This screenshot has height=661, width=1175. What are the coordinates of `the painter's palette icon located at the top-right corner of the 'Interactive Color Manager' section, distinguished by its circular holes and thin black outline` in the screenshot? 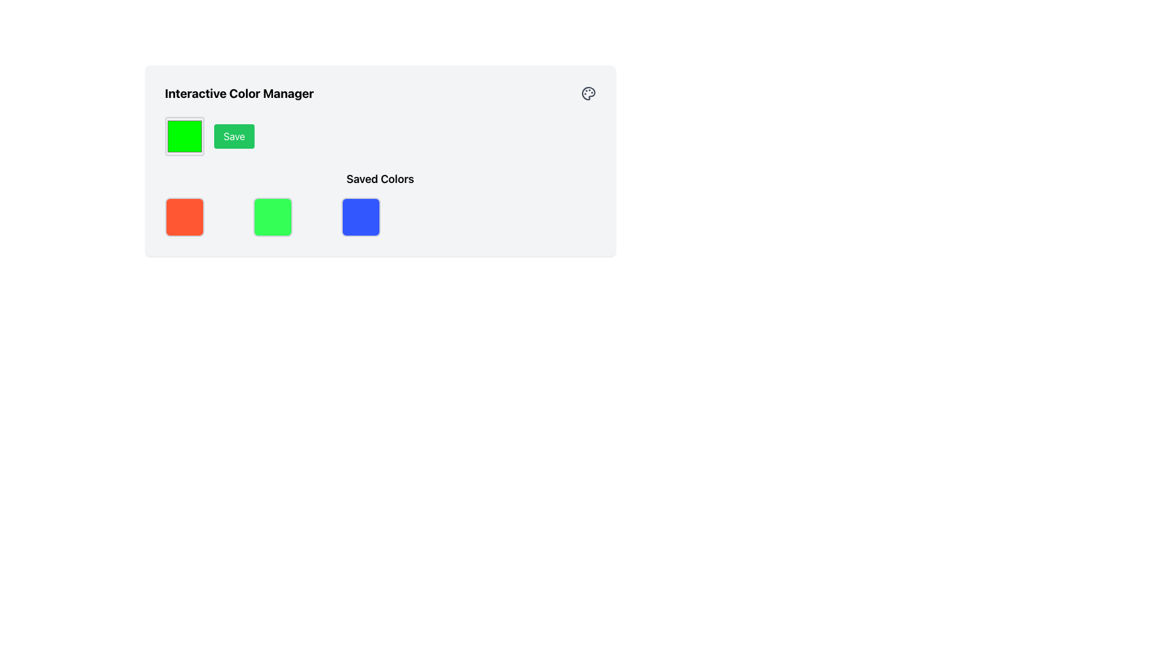 It's located at (588, 93).